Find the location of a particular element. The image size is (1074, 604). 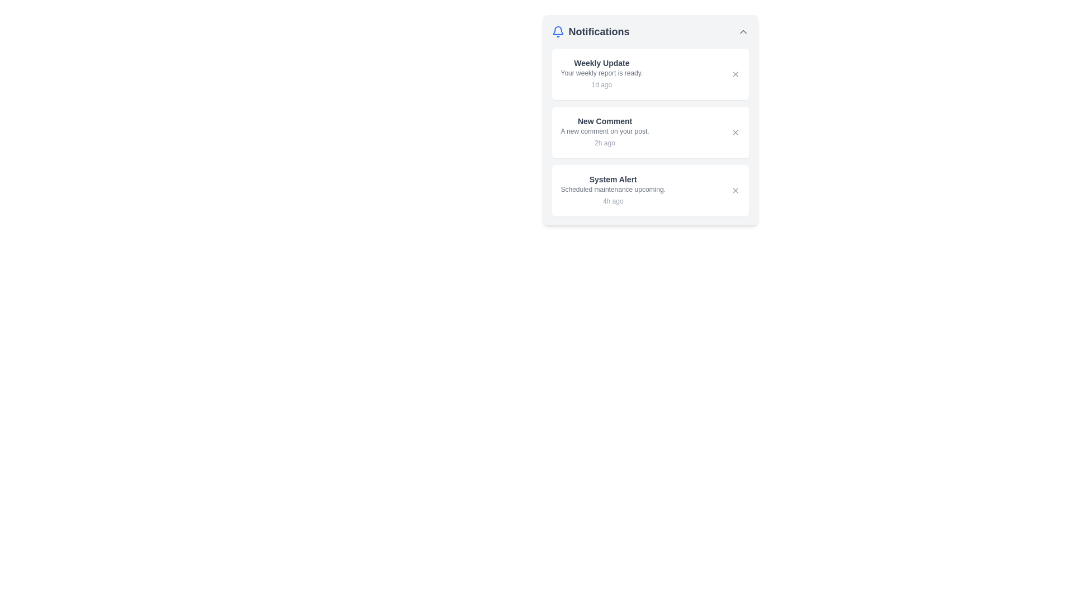

the text fragment that reads 'A new comment on your post.' which is displayed in gray below the 'New Comment' label in the second notification card is located at coordinates (604, 131).